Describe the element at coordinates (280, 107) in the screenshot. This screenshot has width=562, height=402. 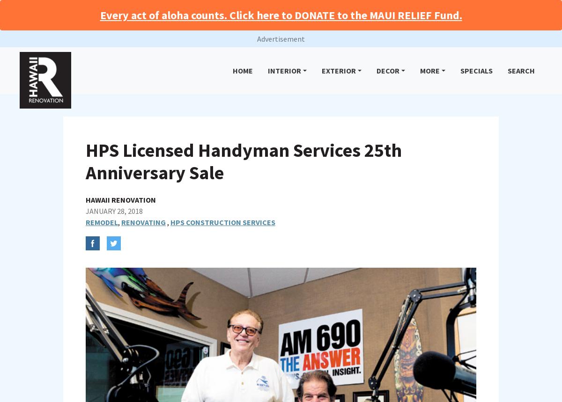
I see `'Peters, urges to always get the proposed scope of work, cost, payment terms, and the person’s true identity in writing.'` at that location.